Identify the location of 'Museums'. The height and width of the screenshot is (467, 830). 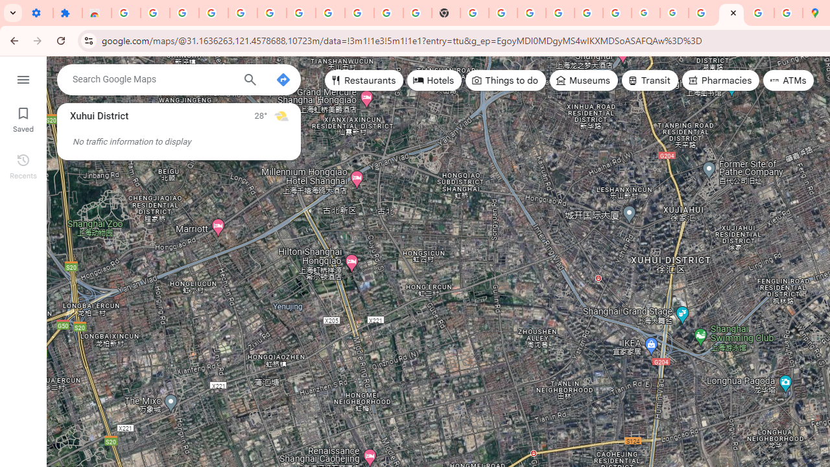
(583, 80).